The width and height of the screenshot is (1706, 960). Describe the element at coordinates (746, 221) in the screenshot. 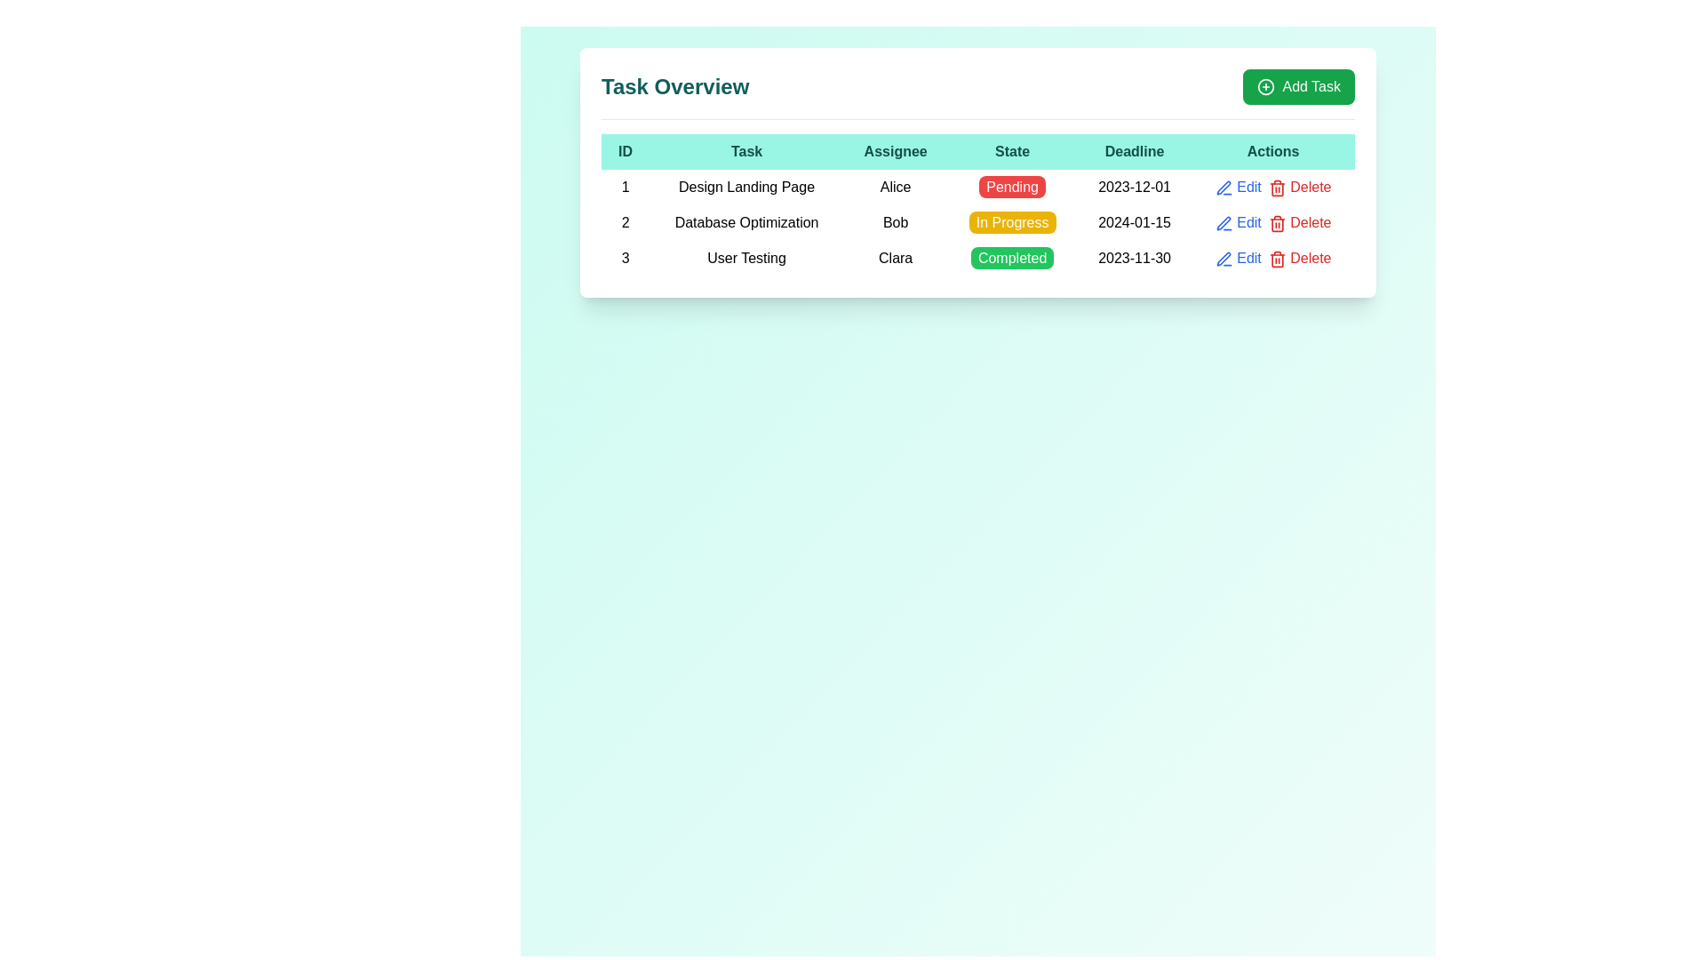

I see `the static text element displaying 'Database Optimization' which is the second item in the 'Task' column of the table, aligned with ID '2', assignee 'Bob', and status 'In Progress'` at that location.